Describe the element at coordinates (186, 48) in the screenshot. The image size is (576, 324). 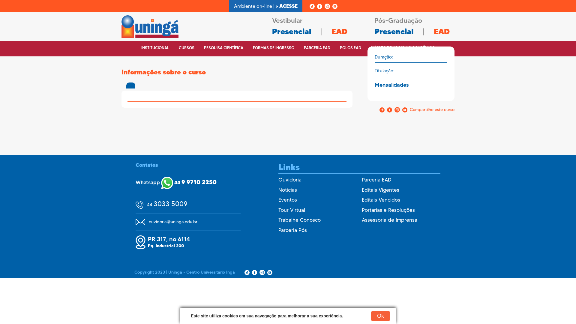
I see `'CURSOS'` at that location.